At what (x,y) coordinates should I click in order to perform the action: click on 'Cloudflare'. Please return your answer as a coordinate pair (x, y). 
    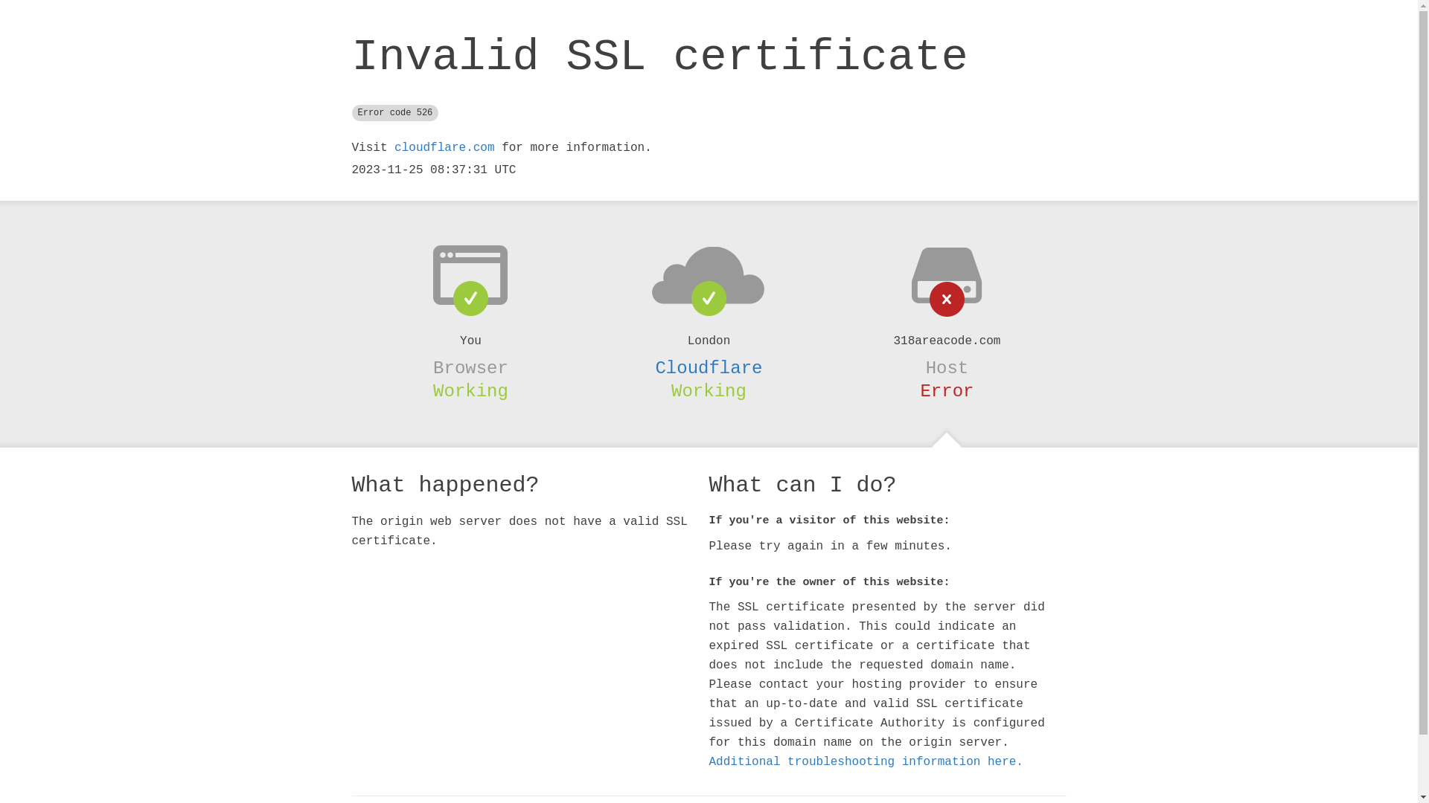
    Looking at the image, I should click on (707, 368).